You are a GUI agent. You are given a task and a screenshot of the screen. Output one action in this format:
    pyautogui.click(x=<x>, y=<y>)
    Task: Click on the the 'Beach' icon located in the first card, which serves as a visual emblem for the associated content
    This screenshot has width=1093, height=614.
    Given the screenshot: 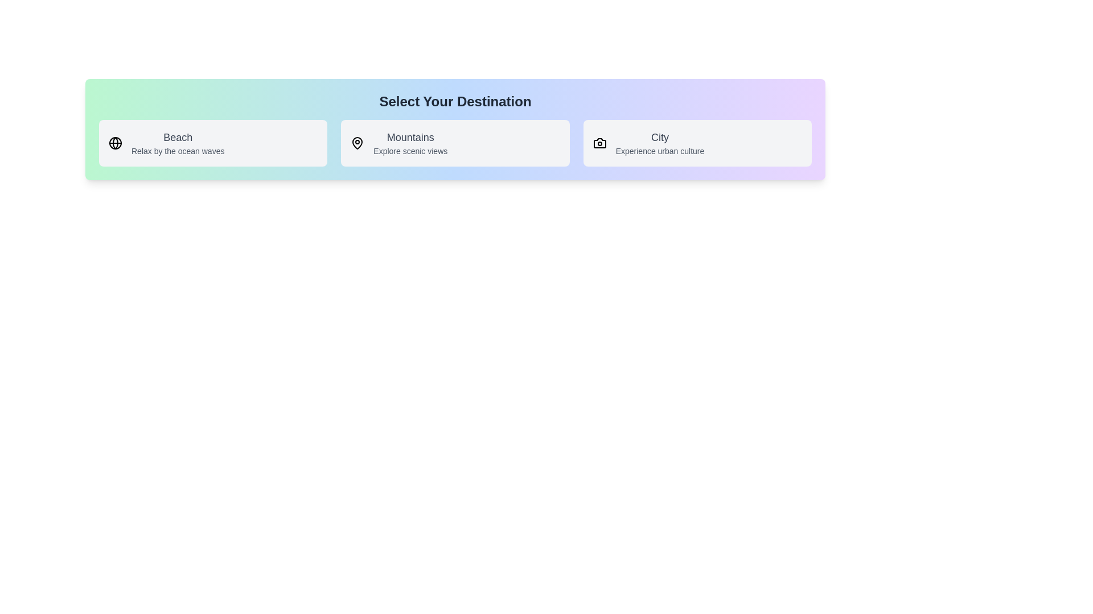 What is the action you would take?
    pyautogui.click(x=115, y=142)
    